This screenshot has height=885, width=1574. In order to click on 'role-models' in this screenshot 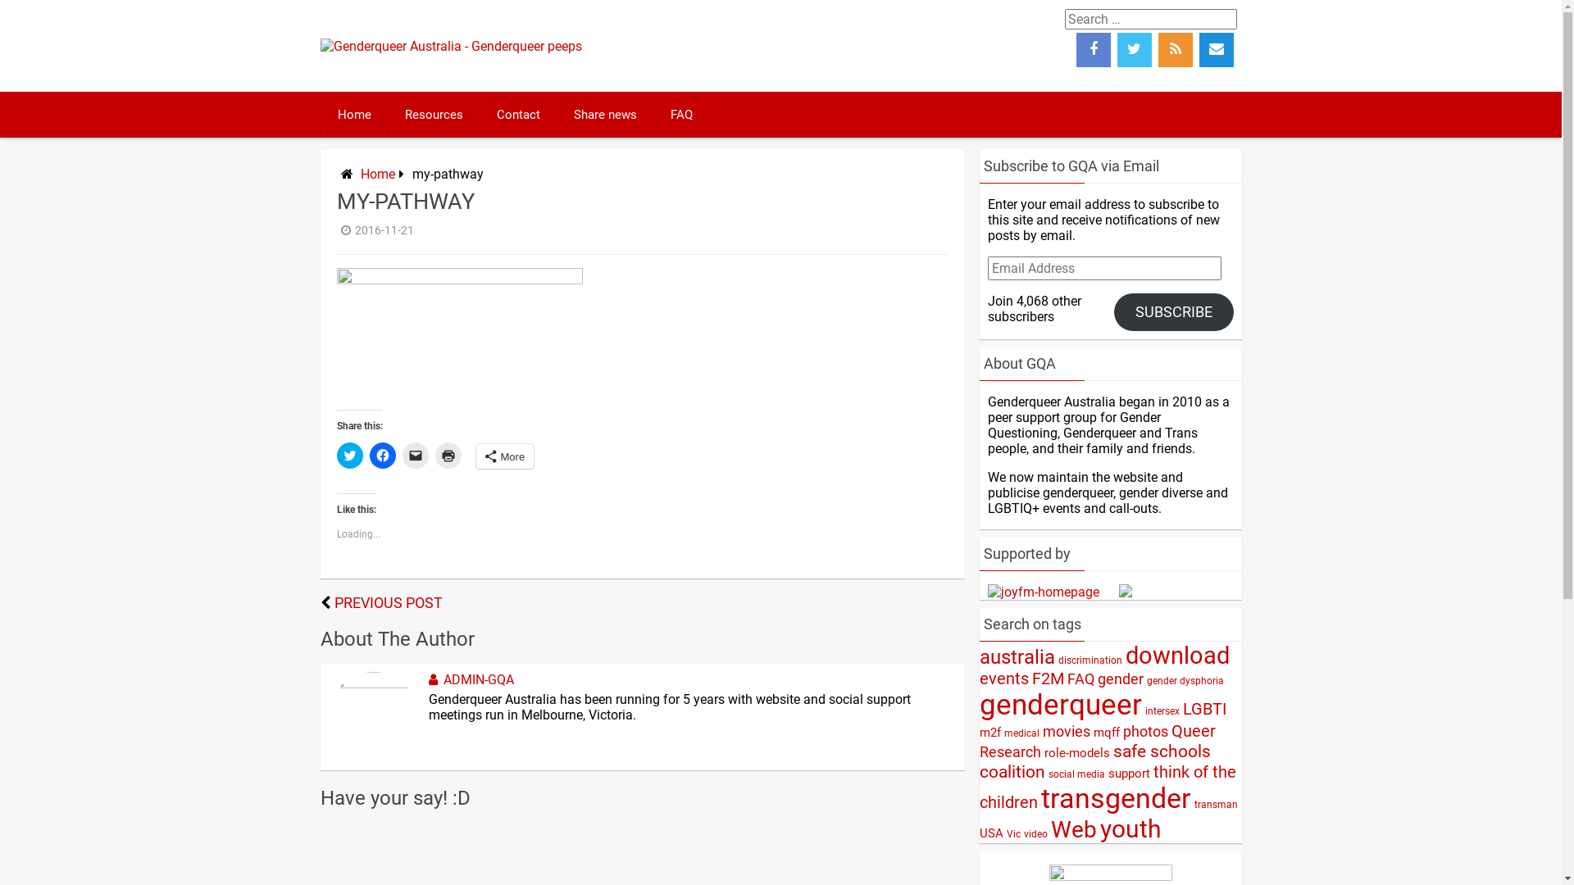, I will do `click(1077, 752)`.